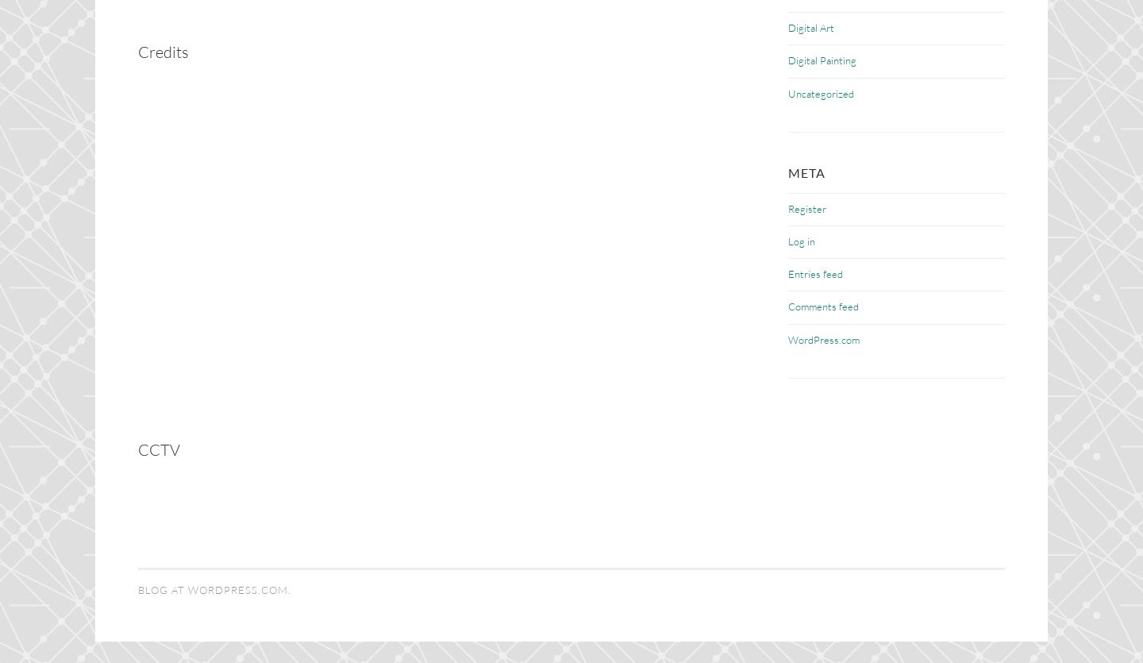 Image resolution: width=1143 pixels, height=663 pixels. I want to click on 'Digital Art', so click(787, 27).